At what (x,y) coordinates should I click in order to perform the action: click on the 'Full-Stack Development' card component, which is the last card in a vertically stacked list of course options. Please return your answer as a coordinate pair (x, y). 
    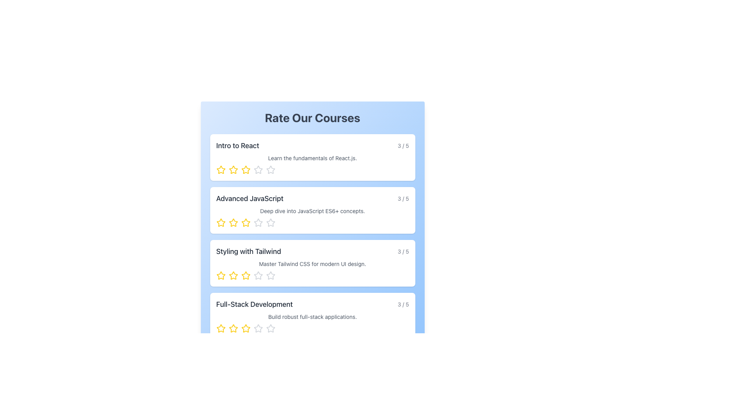
    Looking at the image, I should click on (312, 316).